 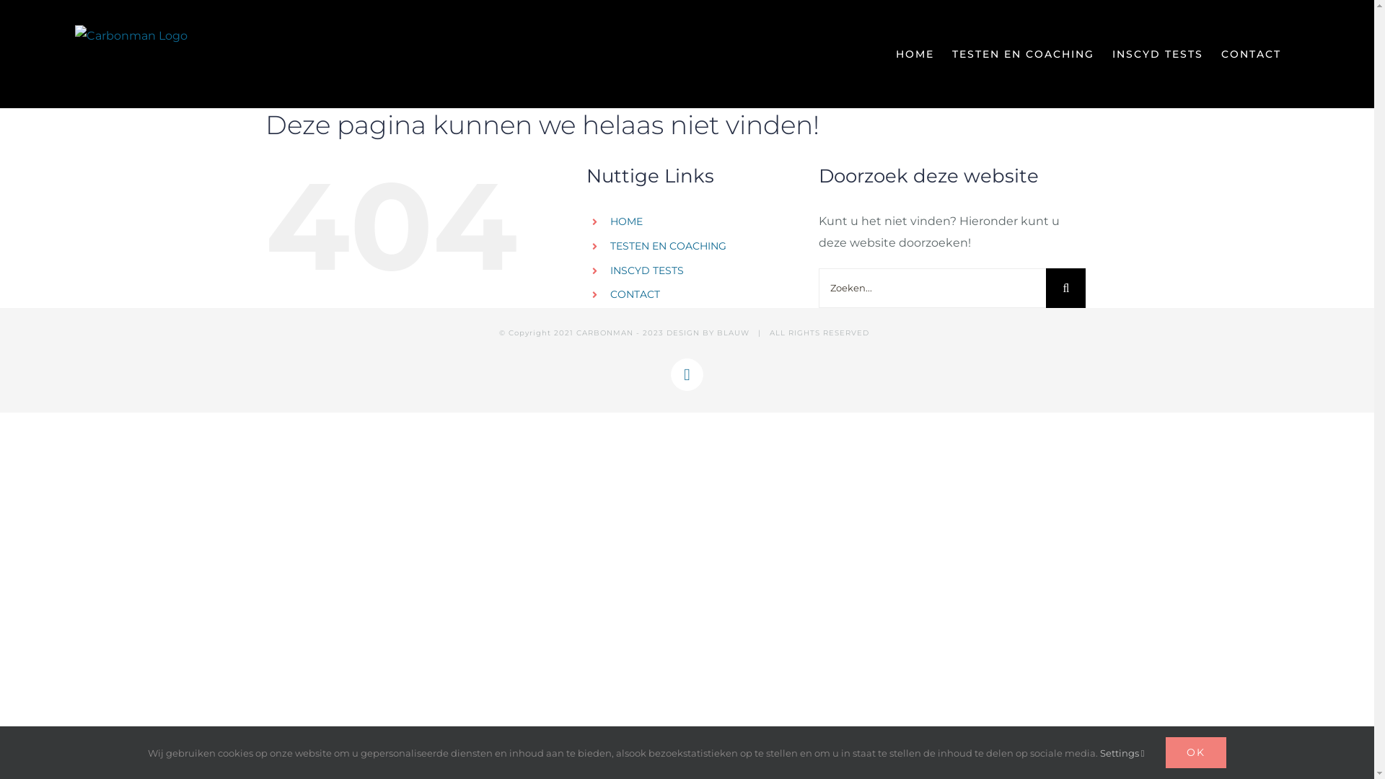 I want to click on 'Settings', so click(x=1121, y=752).